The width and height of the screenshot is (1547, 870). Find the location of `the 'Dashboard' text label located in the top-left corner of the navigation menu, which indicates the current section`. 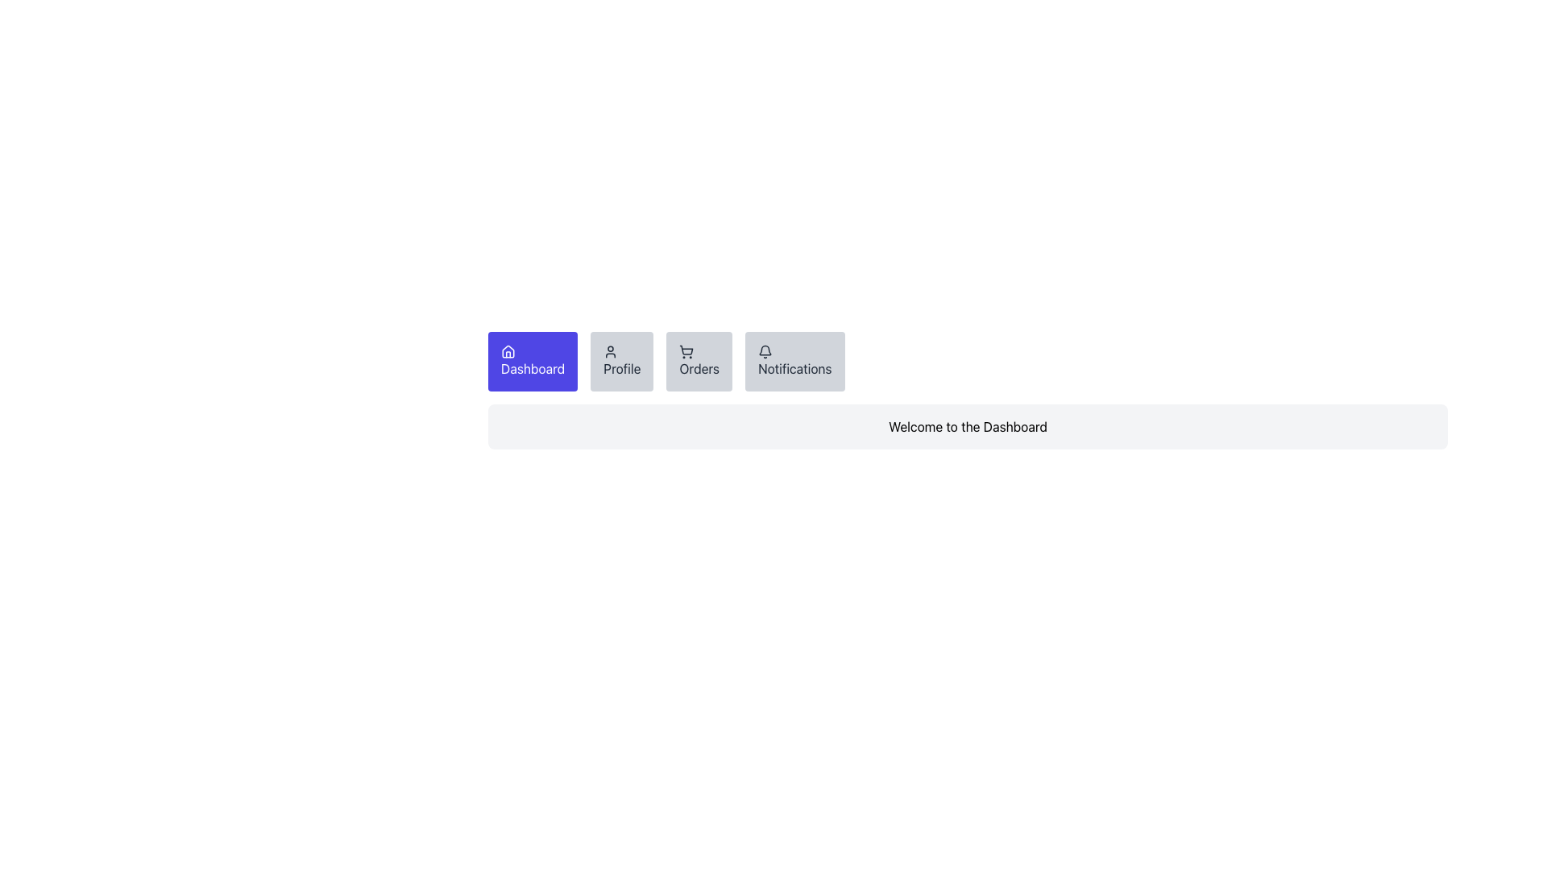

the 'Dashboard' text label located in the top-left corner of the navigation menu, which indicates the current section is located at coordinates (533, 369).